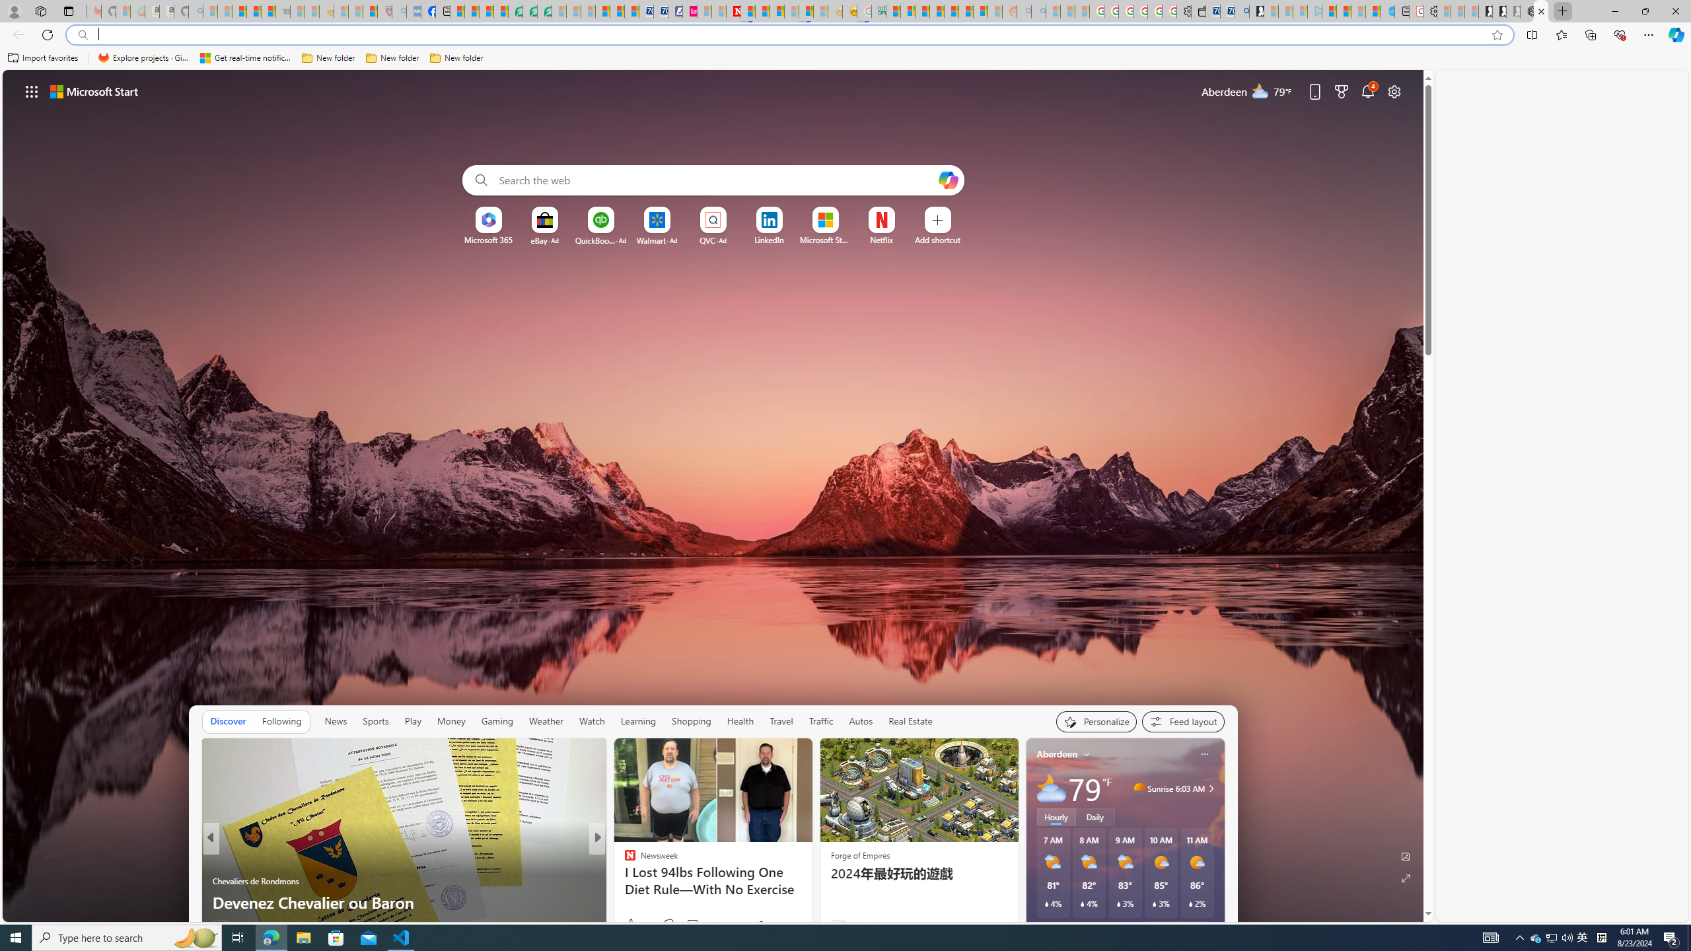  I want to click on 'Class: weather-arrow-glyph', so click(1211, 787).